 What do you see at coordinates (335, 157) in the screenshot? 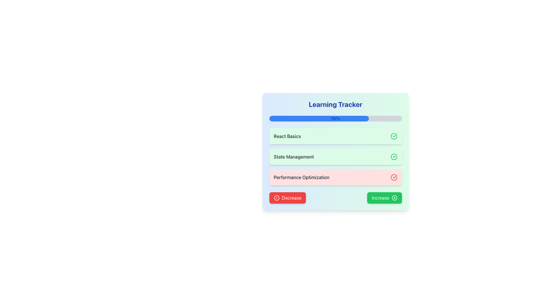
I see `the List item or status tile labeled 'State Management'` at bounding box center [335, 157].